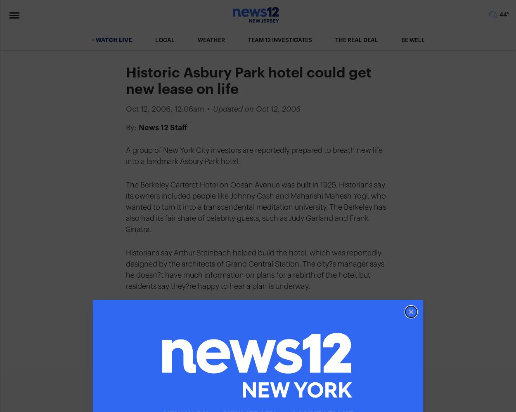  I want to click on 'The Berkeley Carteret Hotel on Ocean Avenue was built in 1925. Historians say its owners included people like Johnny Cash and Maharishi Mahesh Yogi, who wanted to turn it into a transcendental meditation university. The Berkeley has also had its fair share of celebrity guests, such as Judy Garland and Frank Sinatra.', so click(256, 207).